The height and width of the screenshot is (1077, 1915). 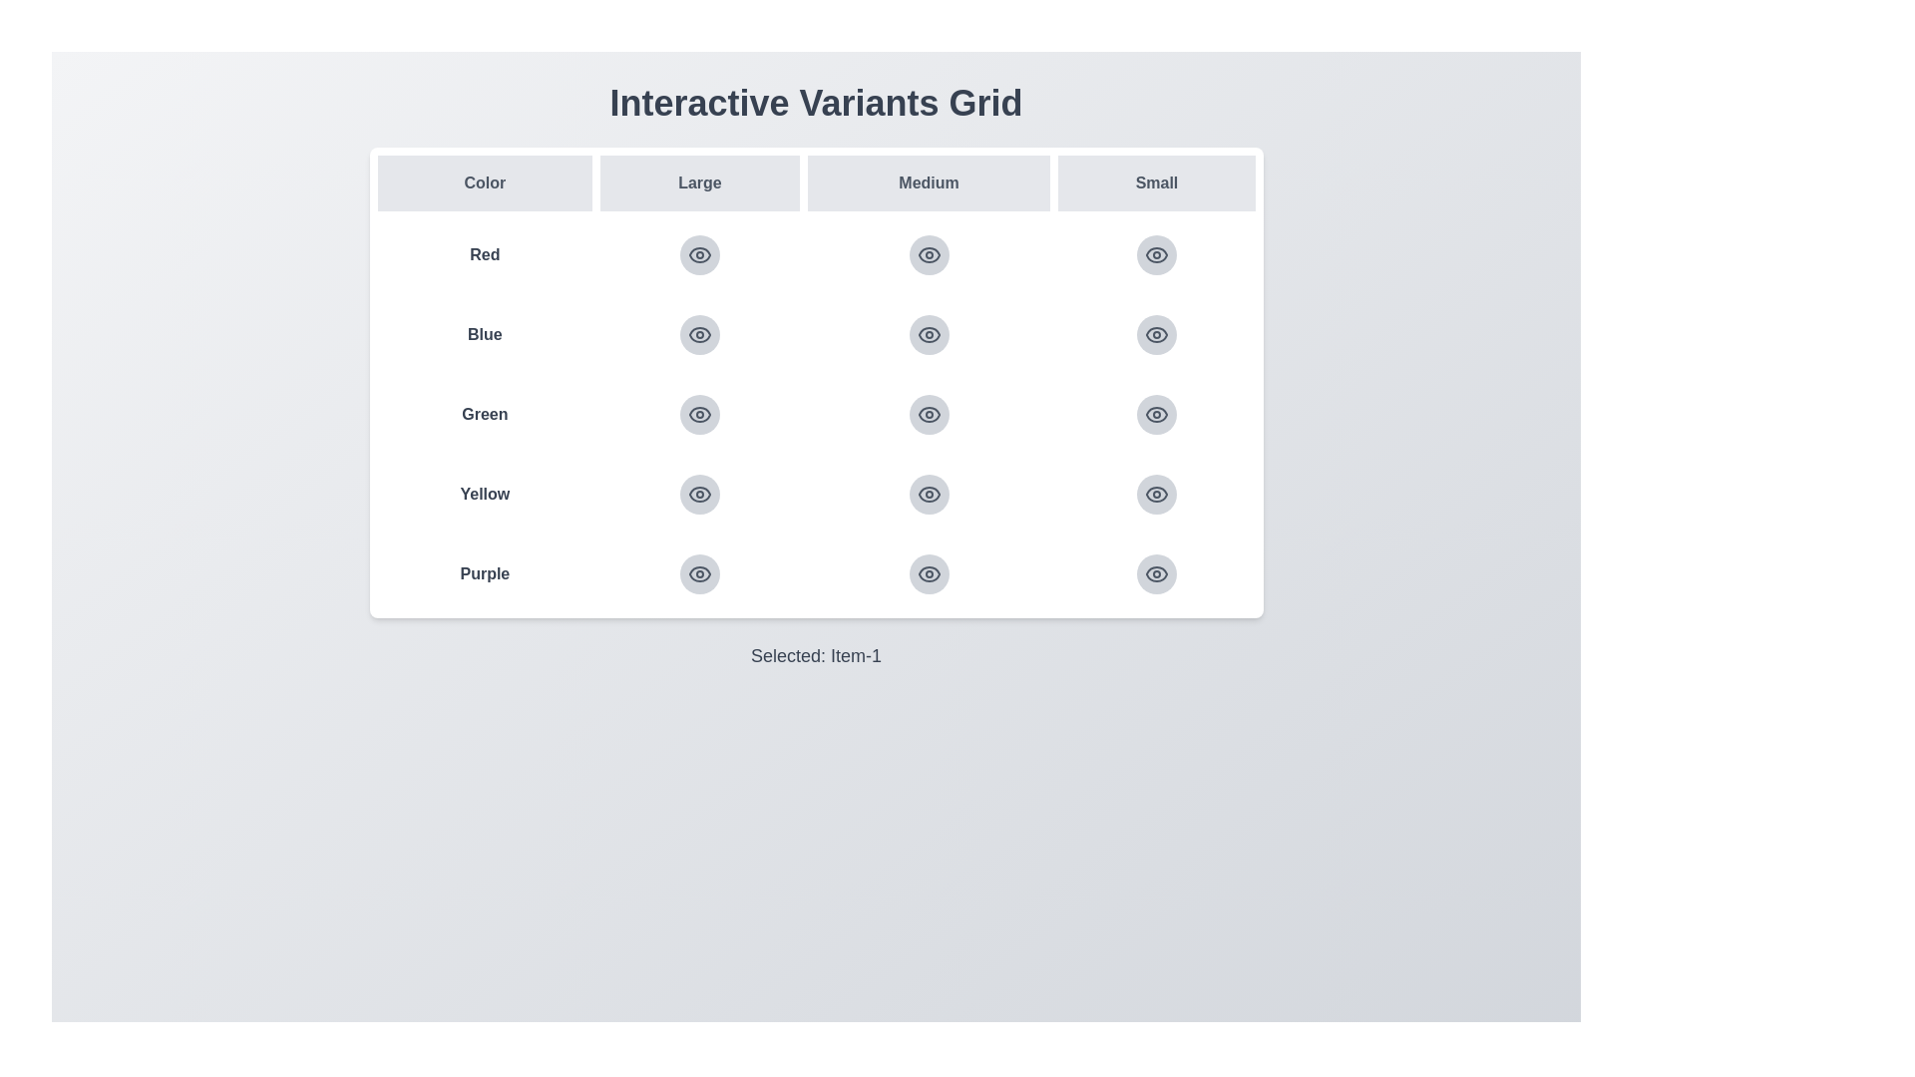 I want to click on the eye icon button located in the fourth row and second column of the grid, so click(x=699, y=494).